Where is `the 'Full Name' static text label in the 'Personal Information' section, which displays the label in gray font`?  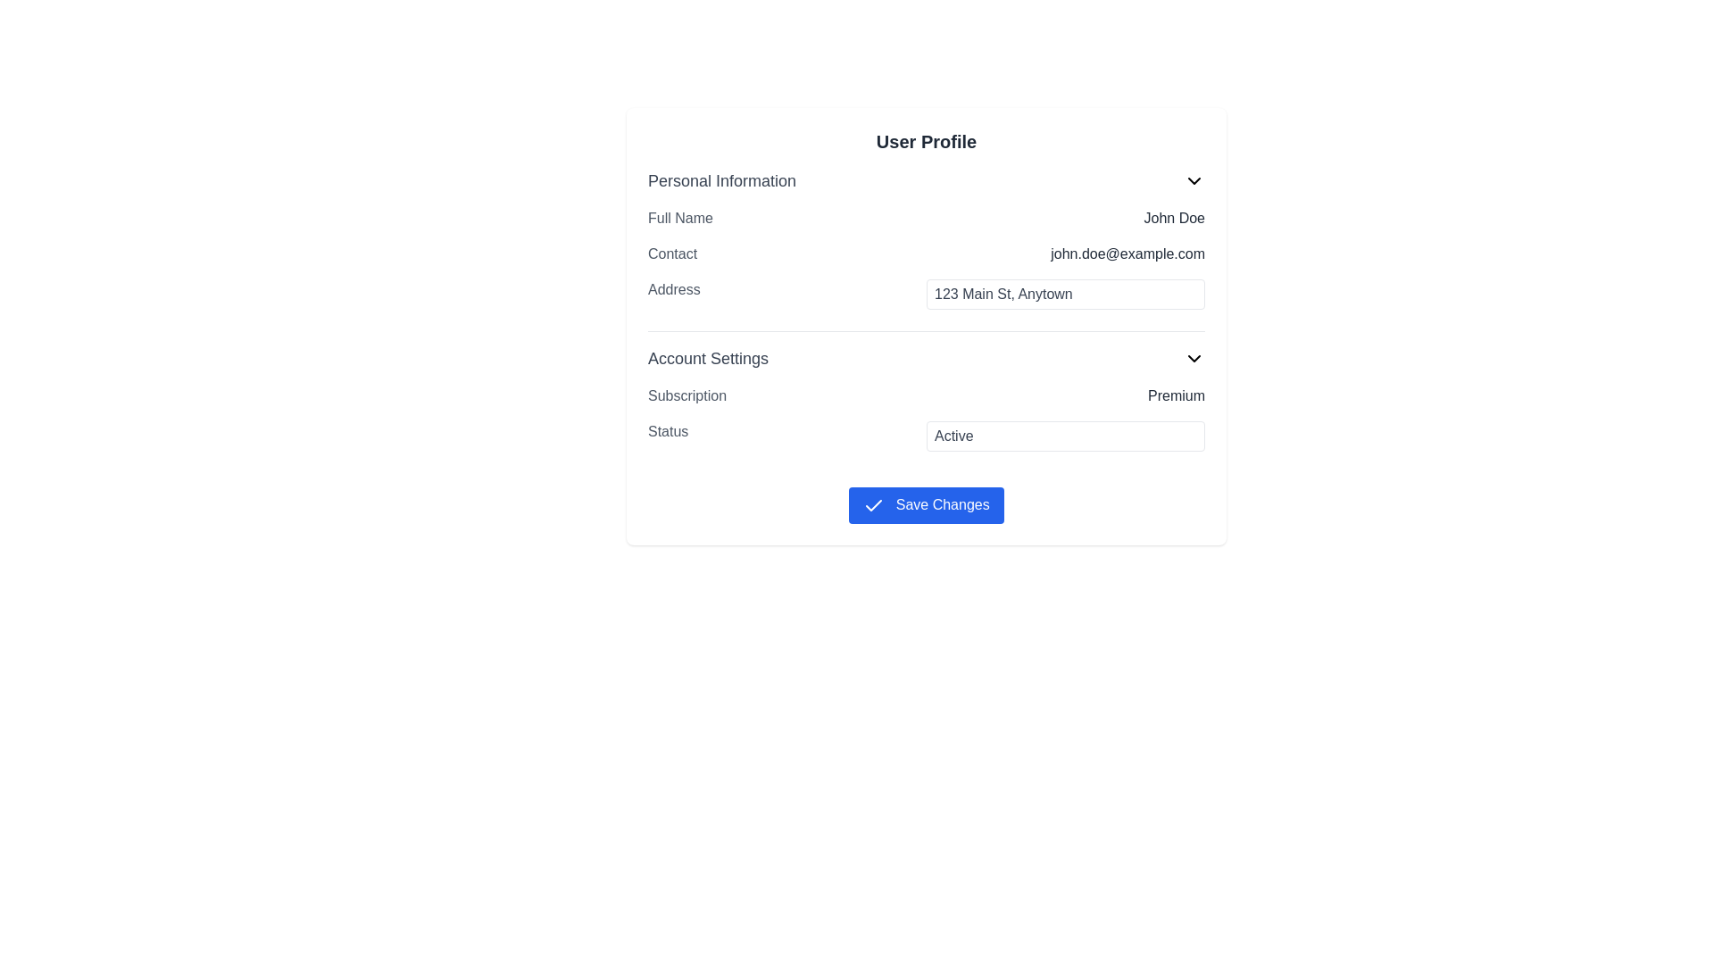 the 'Full Name' static text label in the 'Personal Information' section, which displays the label in gray font is located at coordinates (679, 218).